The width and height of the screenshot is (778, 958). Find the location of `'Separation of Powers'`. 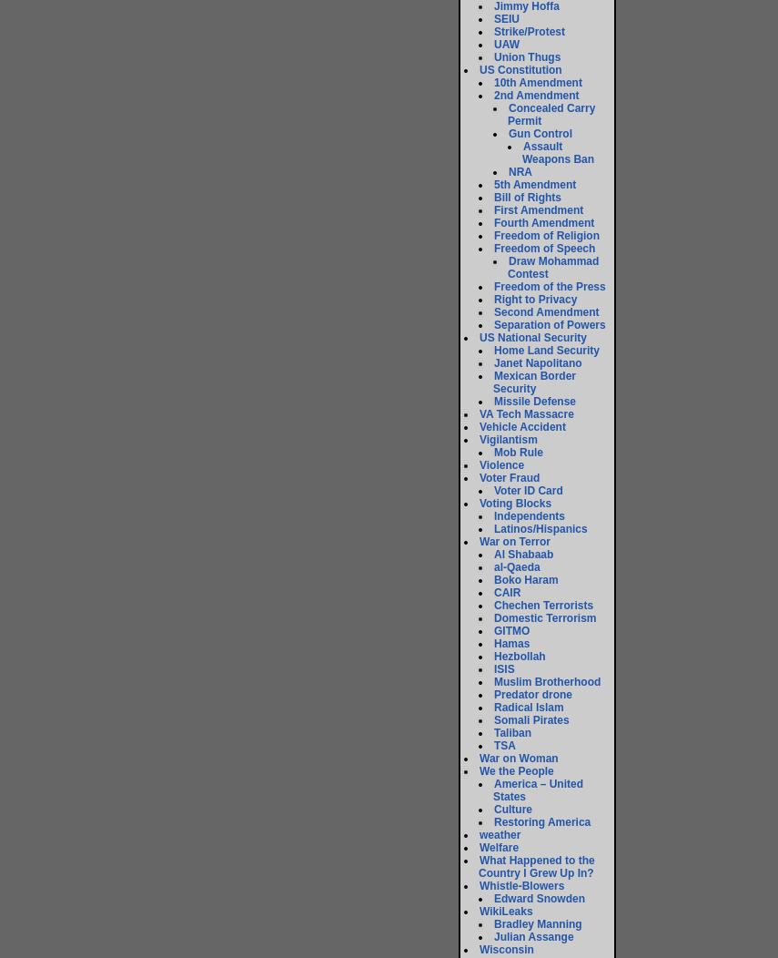

'Separation of Powers' is located at coordinates (494, 325).